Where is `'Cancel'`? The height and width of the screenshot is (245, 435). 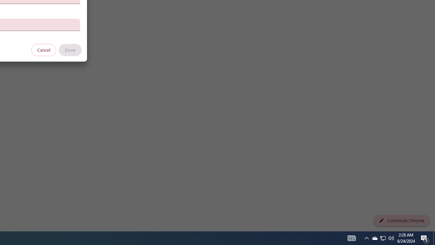 'Cancel' is located at coordinates (43, 49).